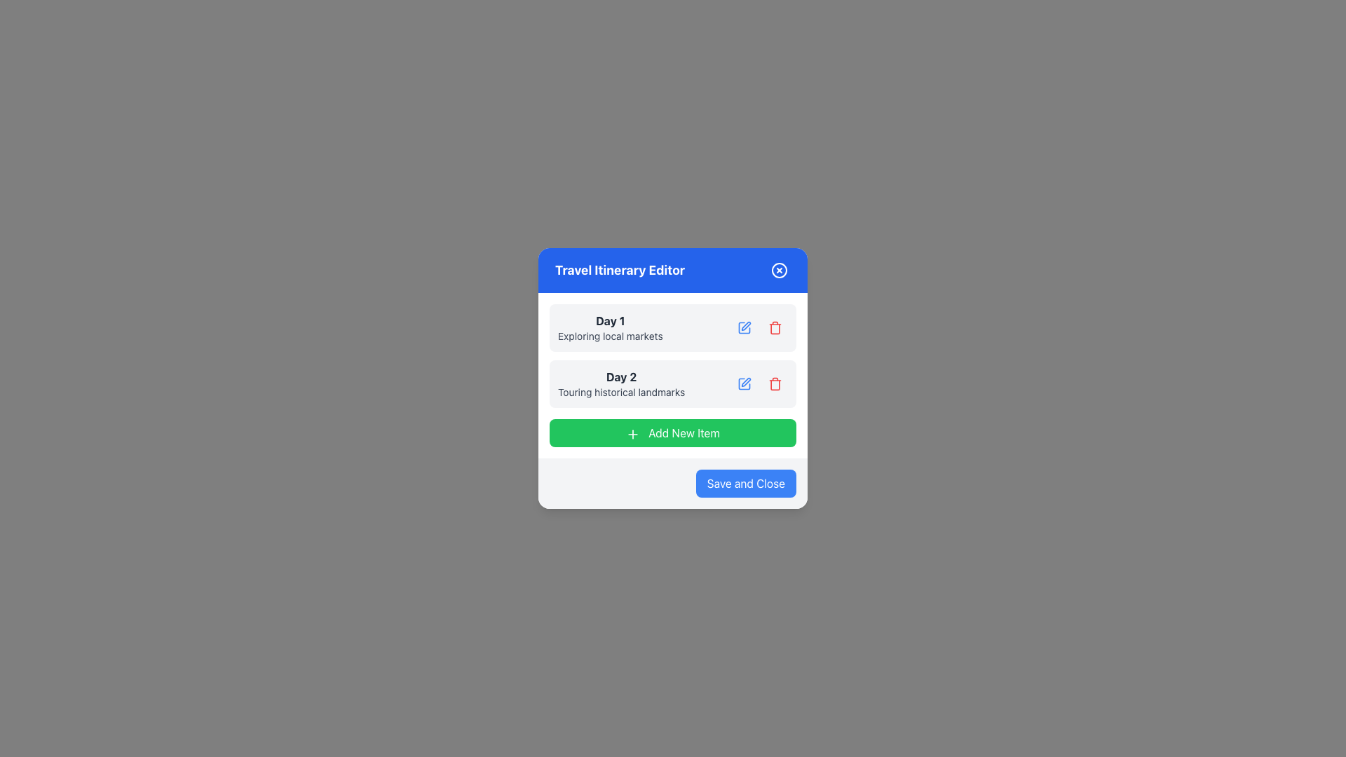  Describe the element at coordinates (774, 327) in the screenshot. I see `the red trash can icon button in the 'Travel Itinerary Editor' to trigger hover effects` at that location.